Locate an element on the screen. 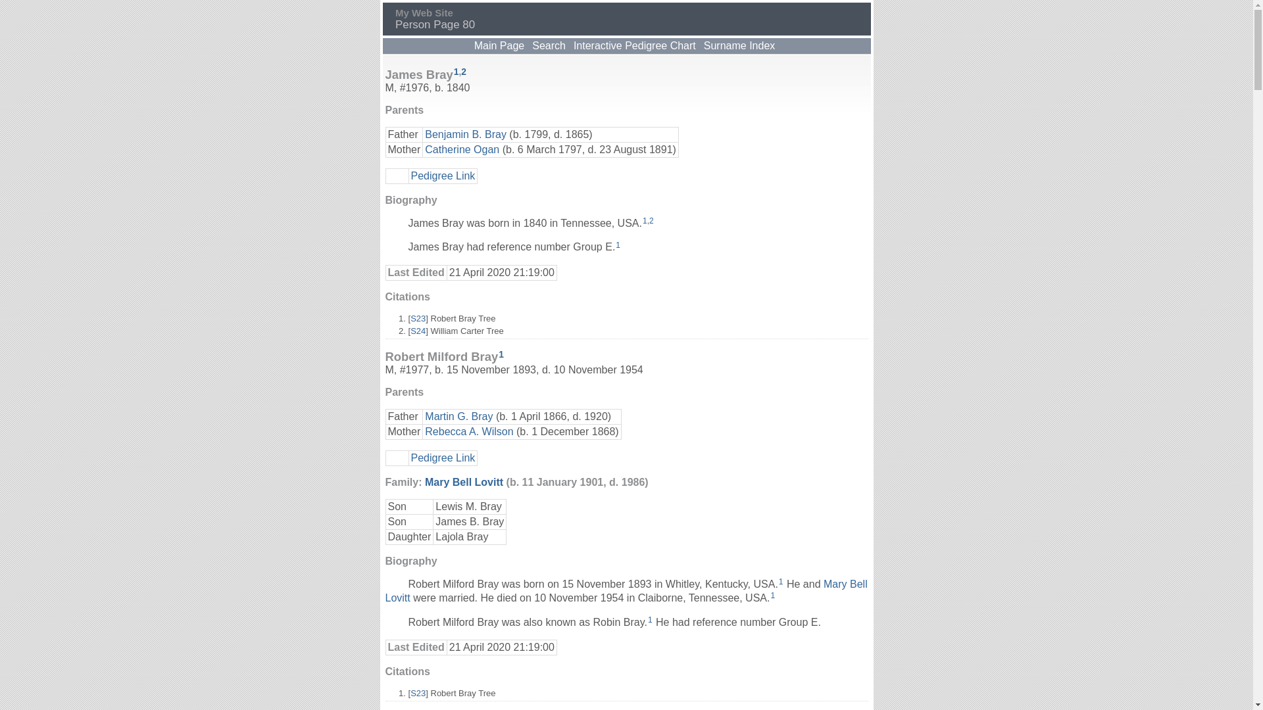  'Martin G. Bray' is located at coordinates (458, 416).